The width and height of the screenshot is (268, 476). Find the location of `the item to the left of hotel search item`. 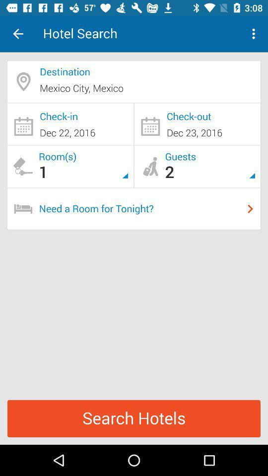

the item to the left of hotel search item is located at coordinates (18, 34).